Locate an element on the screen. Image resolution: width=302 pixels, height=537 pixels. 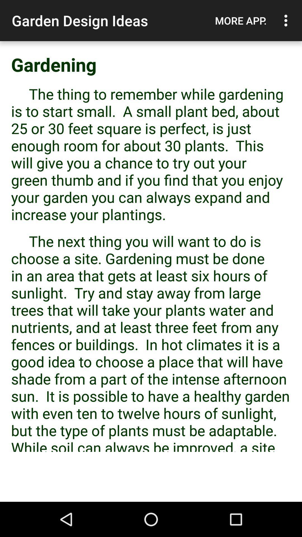
icon to the right of the more app. item is located at coordinates (287, 20).